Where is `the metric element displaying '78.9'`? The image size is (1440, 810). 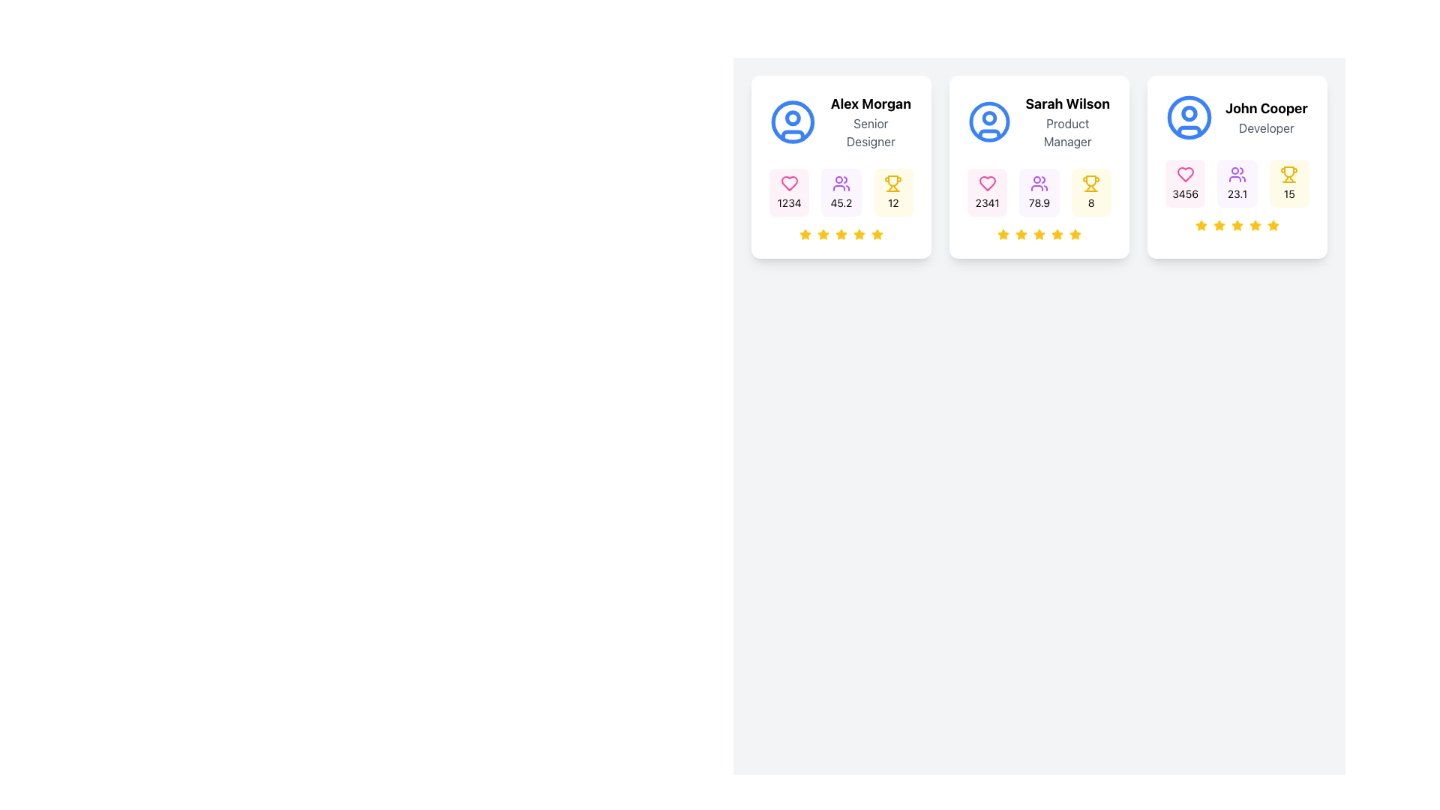 the metric element displaying '78.9' is located at coordinates (1039, 192).